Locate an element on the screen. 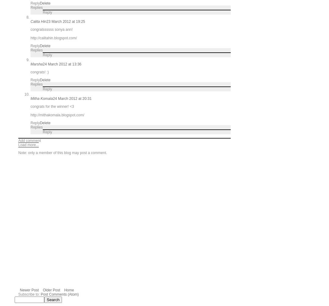  'Post Comments (Atom)' is located at coordinates (41, 294).